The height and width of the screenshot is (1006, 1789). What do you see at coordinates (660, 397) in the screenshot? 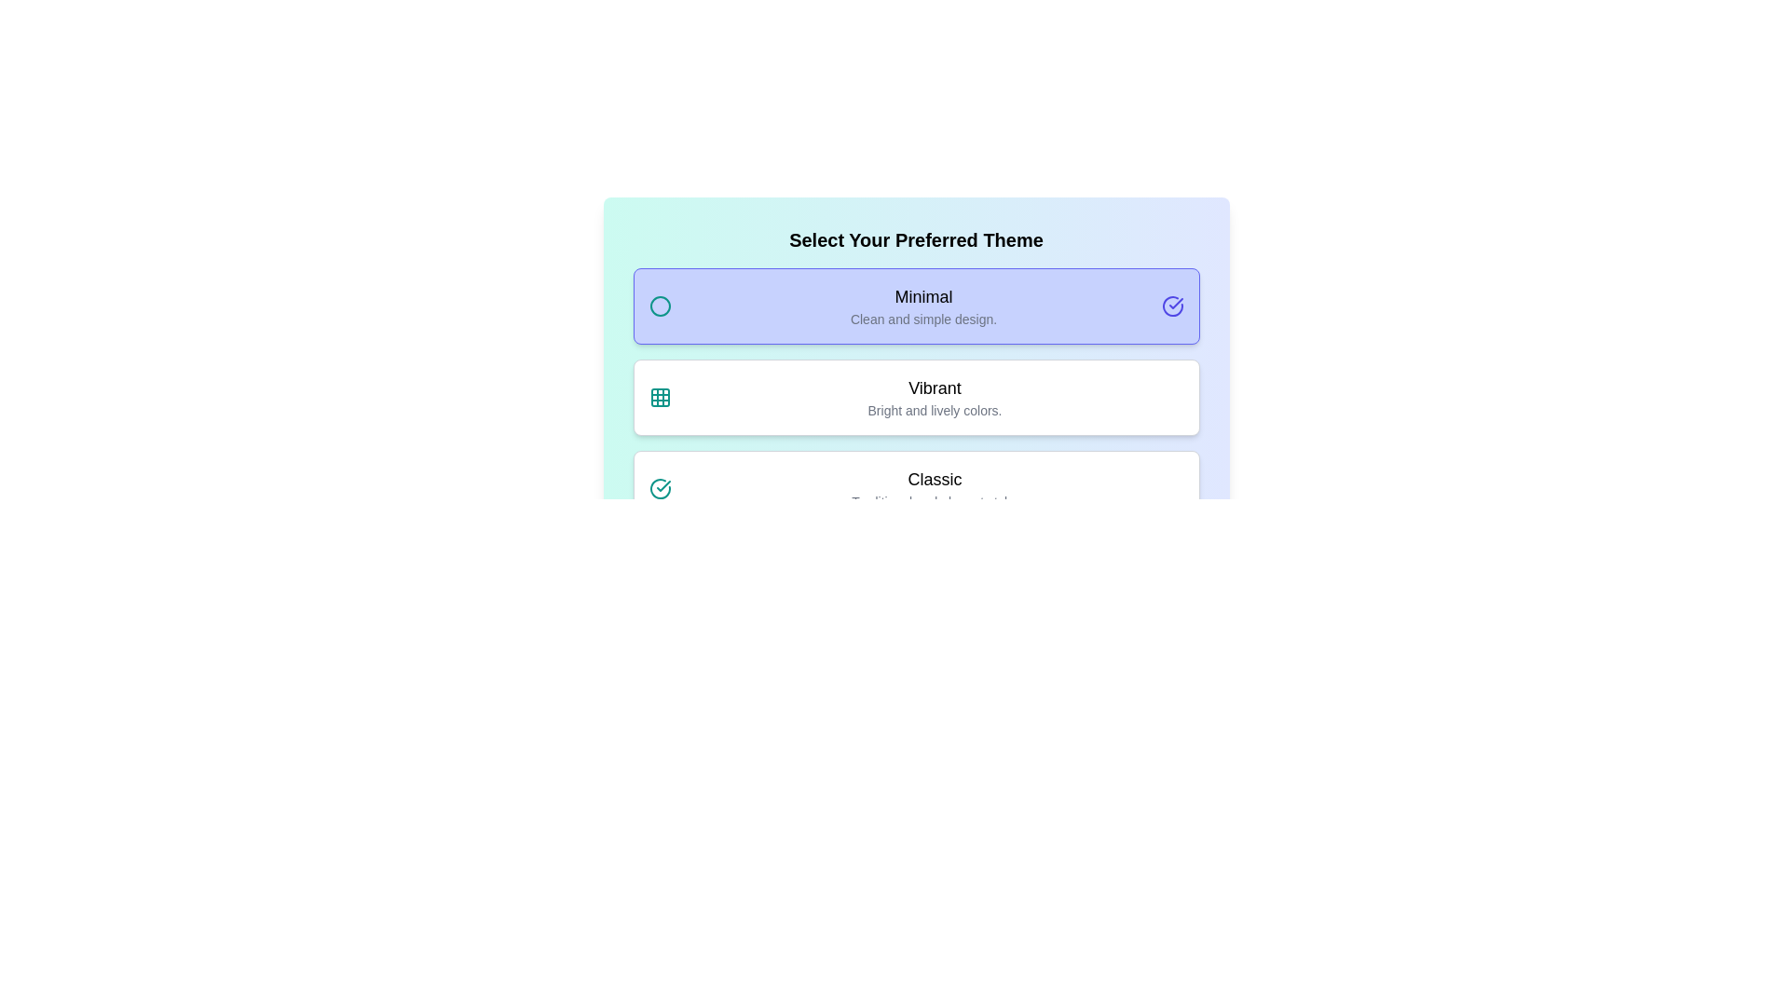
I see `the Decorative grid icon for the 'Vibrant' theme option, which serves as an identifying icon in the theme selection interface` at bounding box center [660, 397].